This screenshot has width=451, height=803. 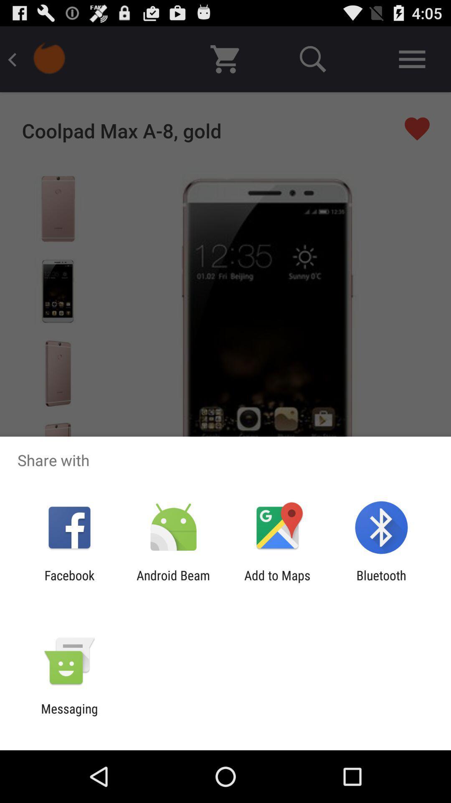 I want to click on item to the left of add to maps app, so click(x=173, y=582).